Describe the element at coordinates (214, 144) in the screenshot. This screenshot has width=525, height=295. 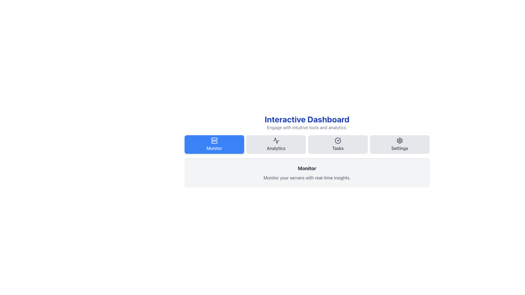
I see `the blue rounded button labeled 'Monitor' with a server icon` at that location.